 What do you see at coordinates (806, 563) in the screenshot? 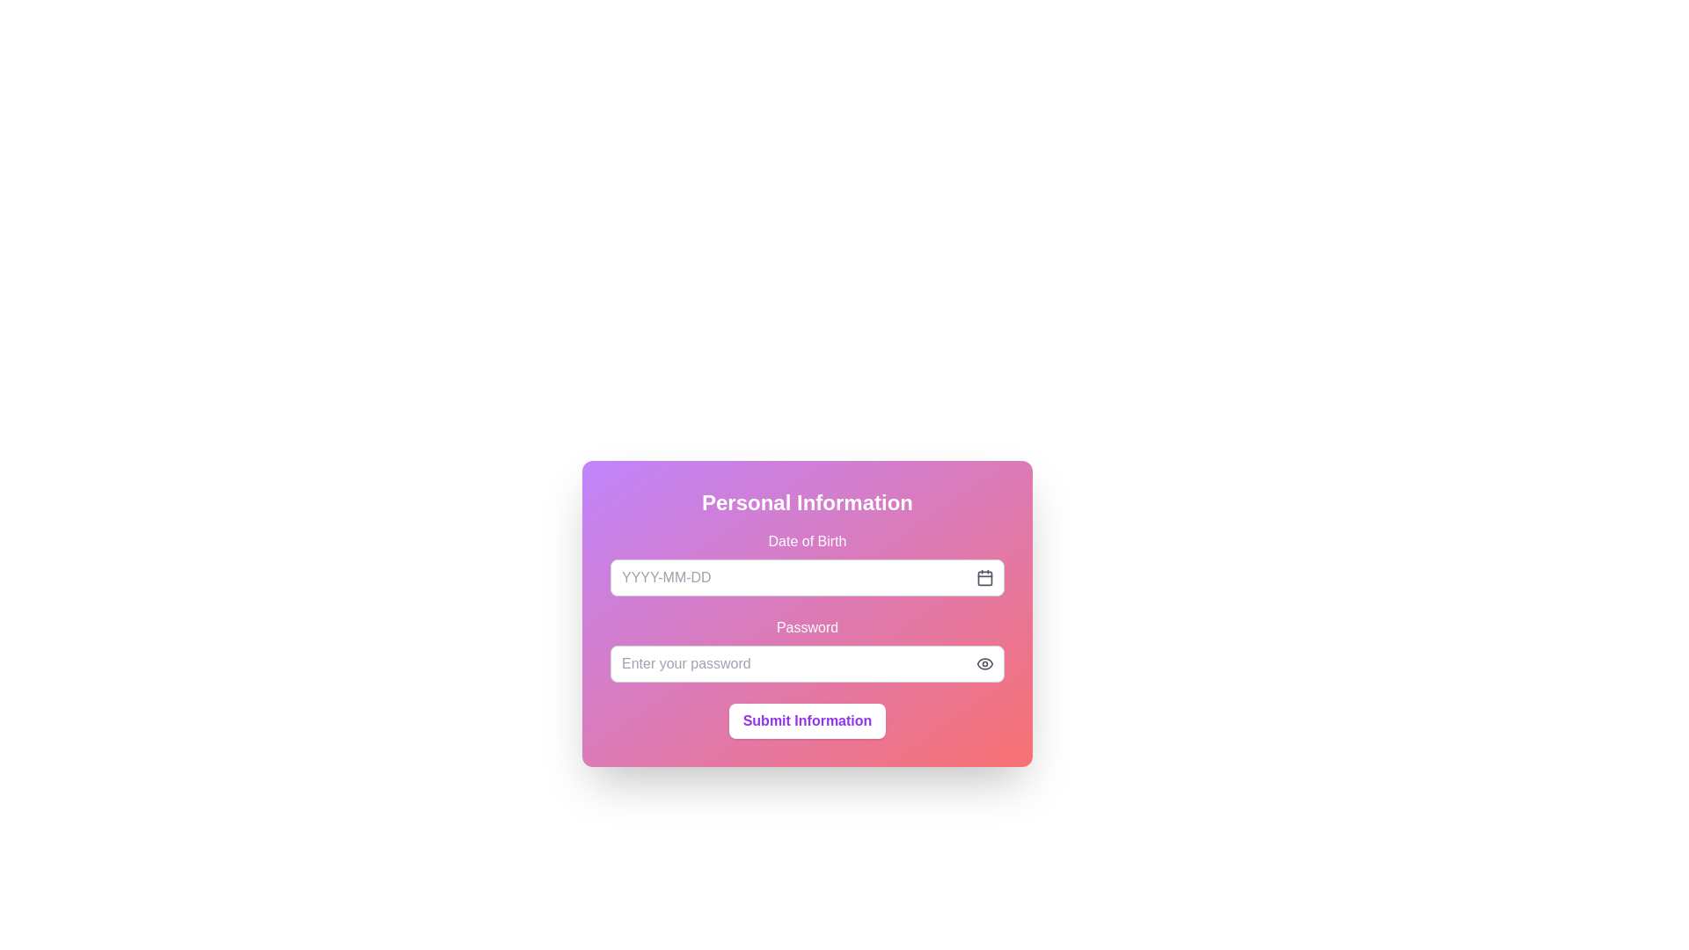
I see `the Date Input Field for entering the date of birth, which is the first input field in the Personal Information section` at bounding box center [806, 563].